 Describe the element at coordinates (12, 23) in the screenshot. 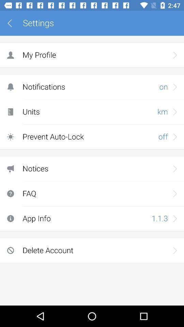

I see `app next to settings app` at that location.